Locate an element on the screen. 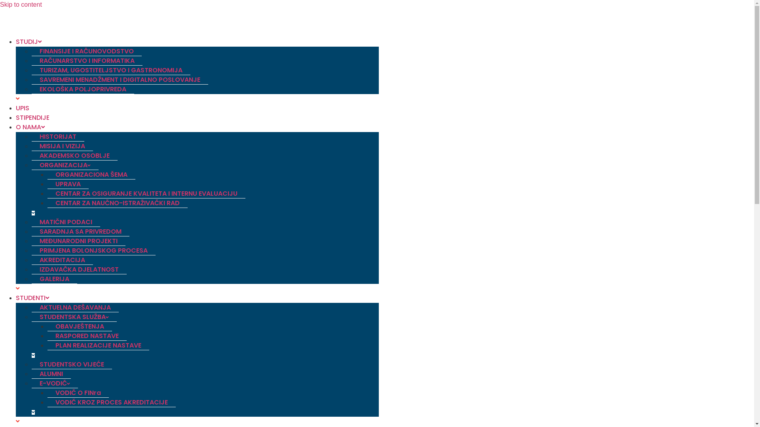  'HISTORIJAT' is located at coordinates (57, 136).